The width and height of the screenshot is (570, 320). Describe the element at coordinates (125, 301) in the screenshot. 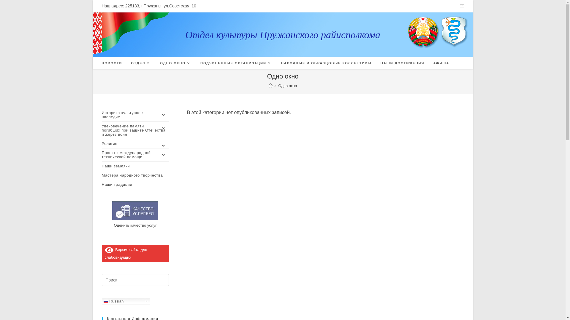

I see `'Russian'` at that location.